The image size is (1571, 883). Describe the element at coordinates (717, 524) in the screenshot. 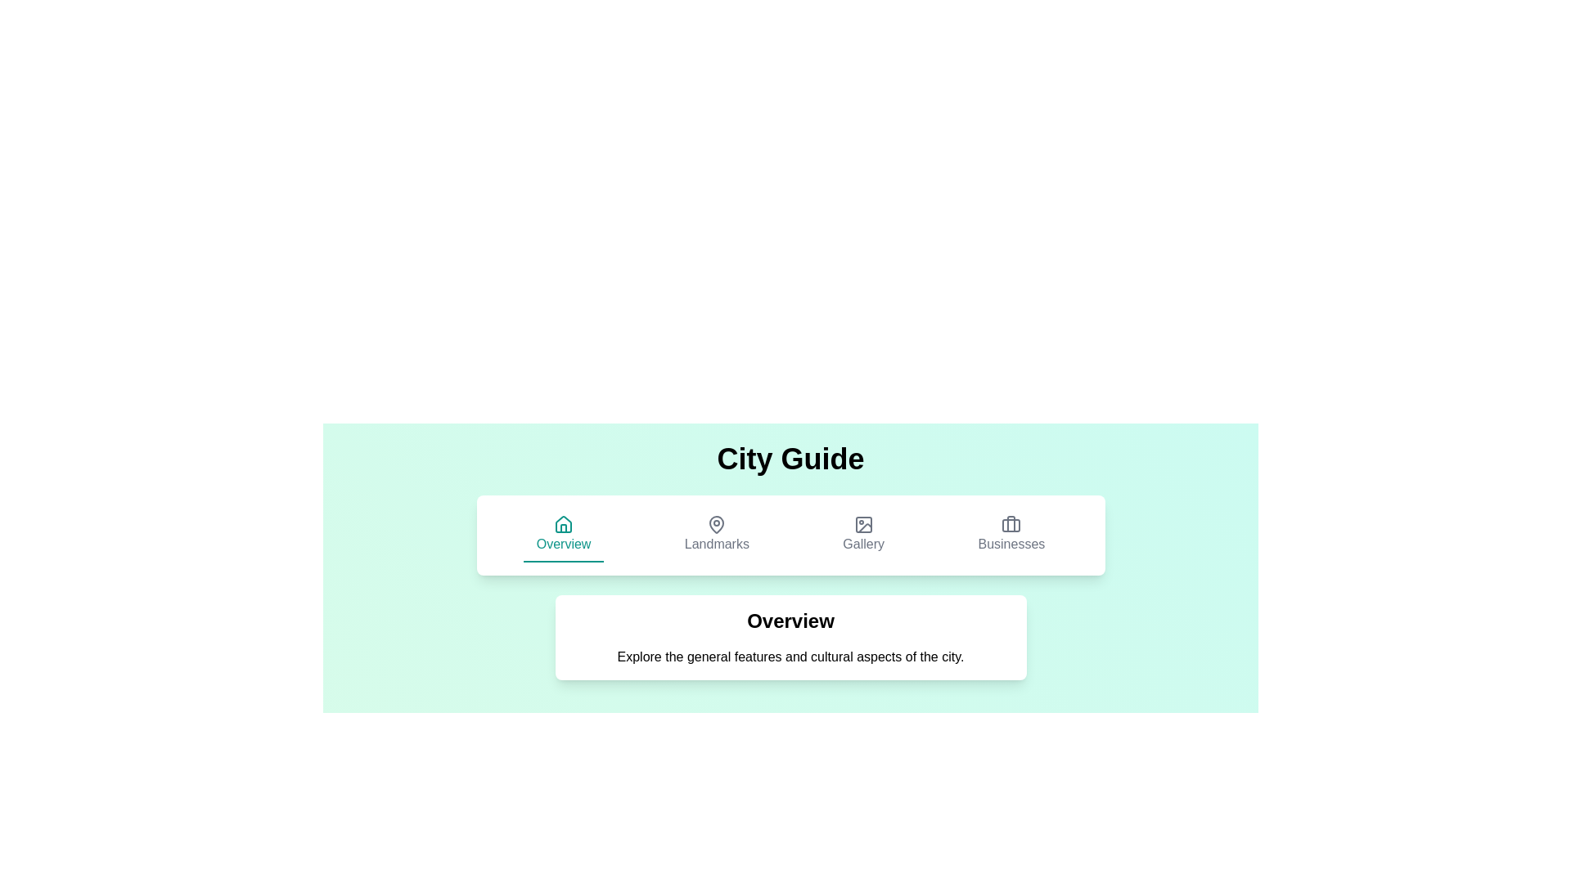

I see `the graphic icon in the horizontal navigation bar` at that location.